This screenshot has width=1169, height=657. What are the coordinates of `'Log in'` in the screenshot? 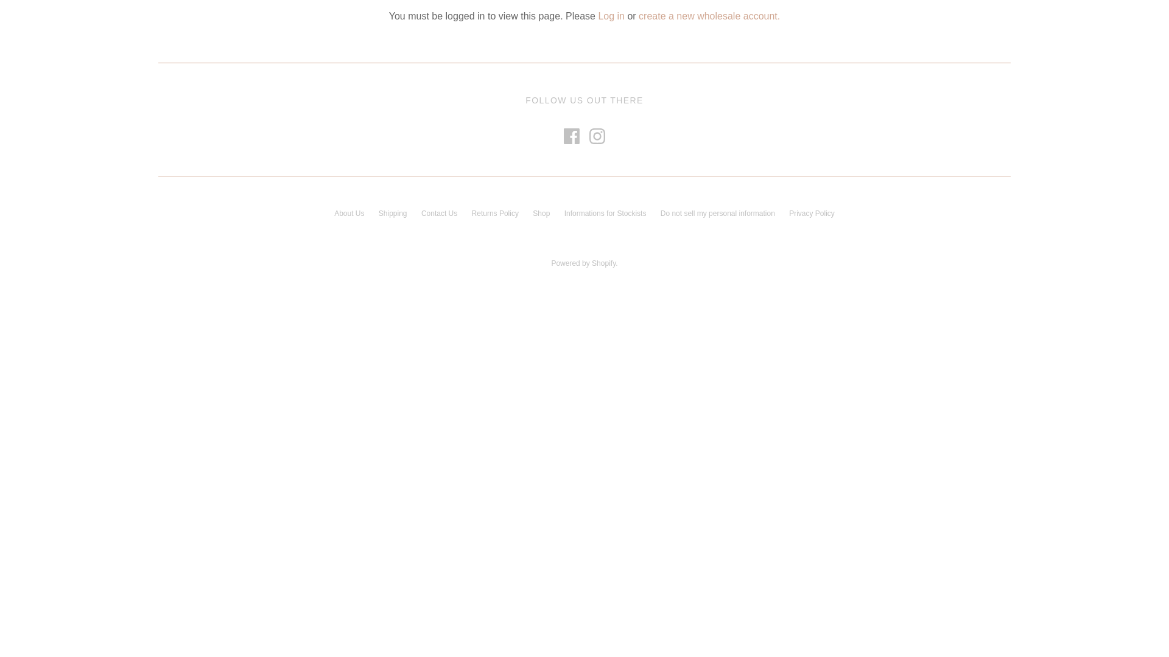 It's located at (598, 16).